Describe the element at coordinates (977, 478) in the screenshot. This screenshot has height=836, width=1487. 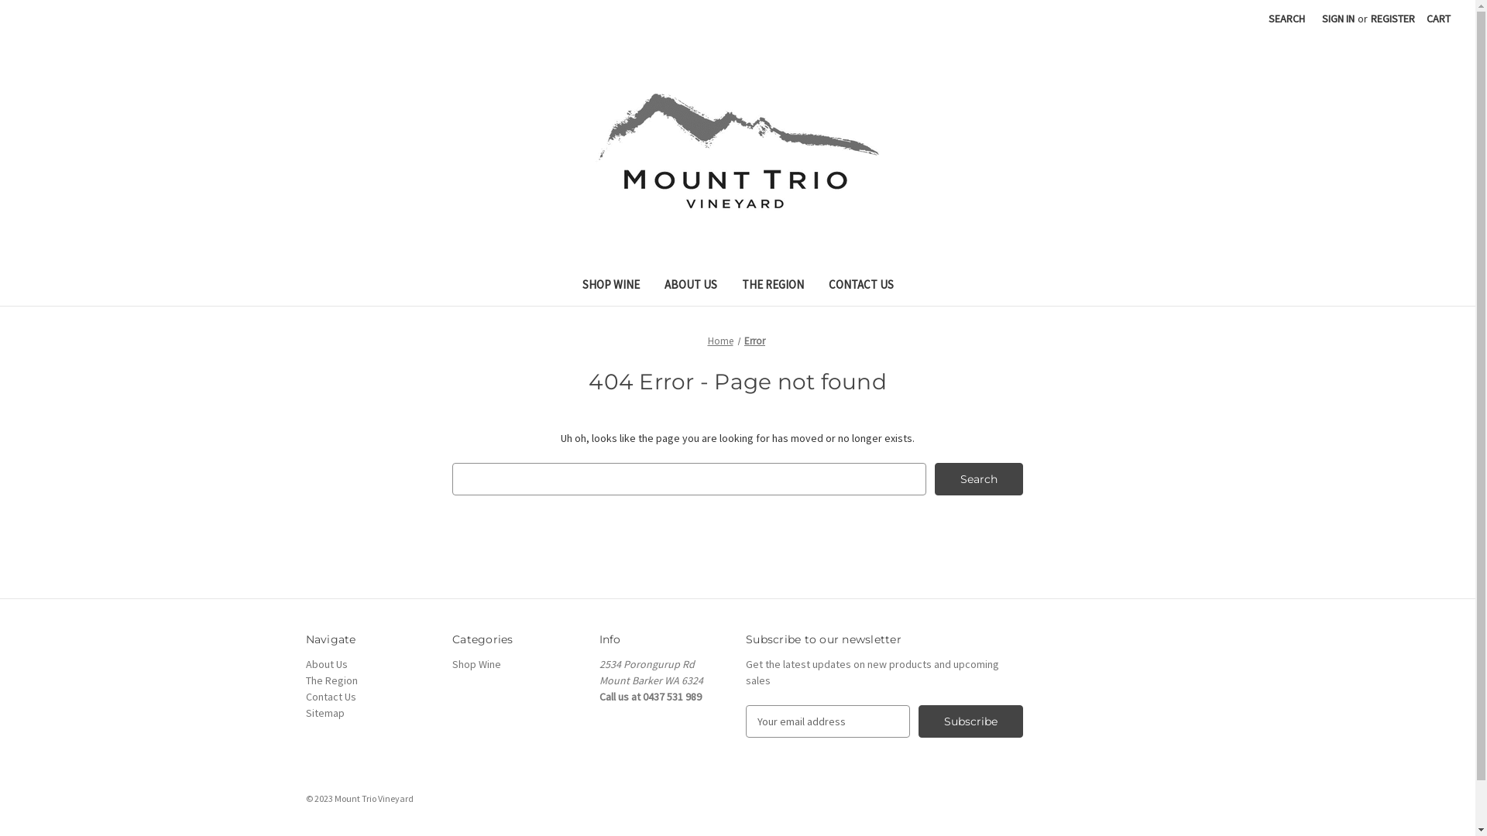
I see `'Search'` at that location.